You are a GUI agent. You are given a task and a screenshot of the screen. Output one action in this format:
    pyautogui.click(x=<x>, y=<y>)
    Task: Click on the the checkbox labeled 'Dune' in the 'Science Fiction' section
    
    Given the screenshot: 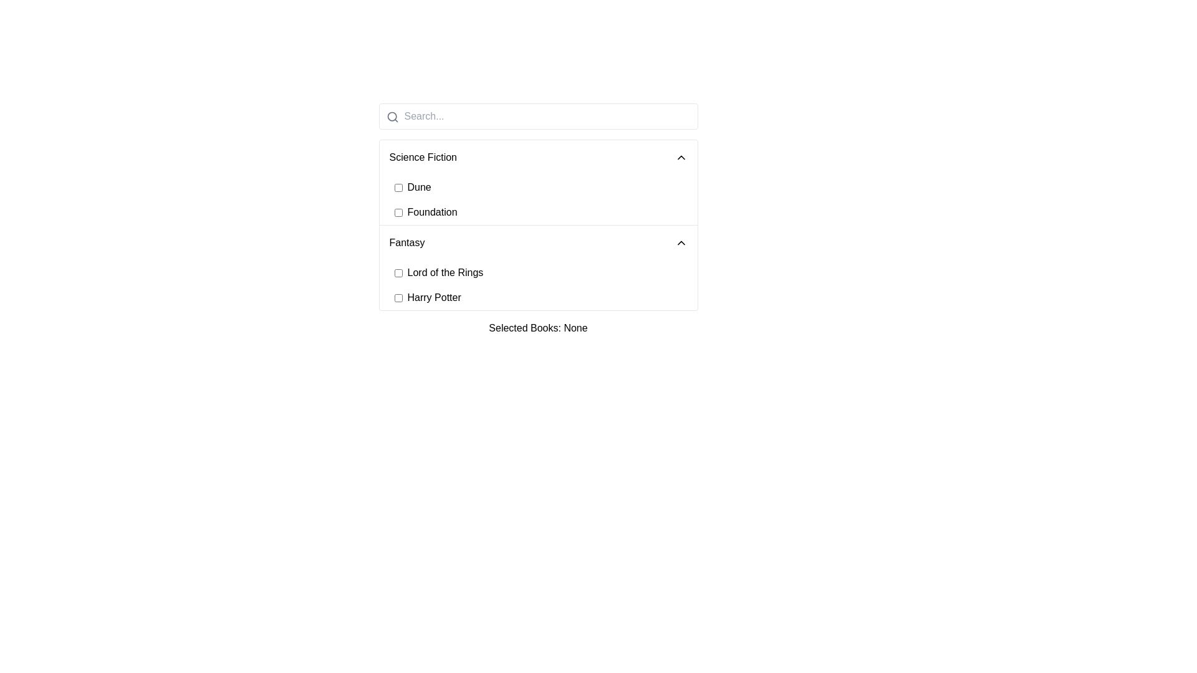 What is the action you would take?
    pyautogui.click(x=546, y=187)
    